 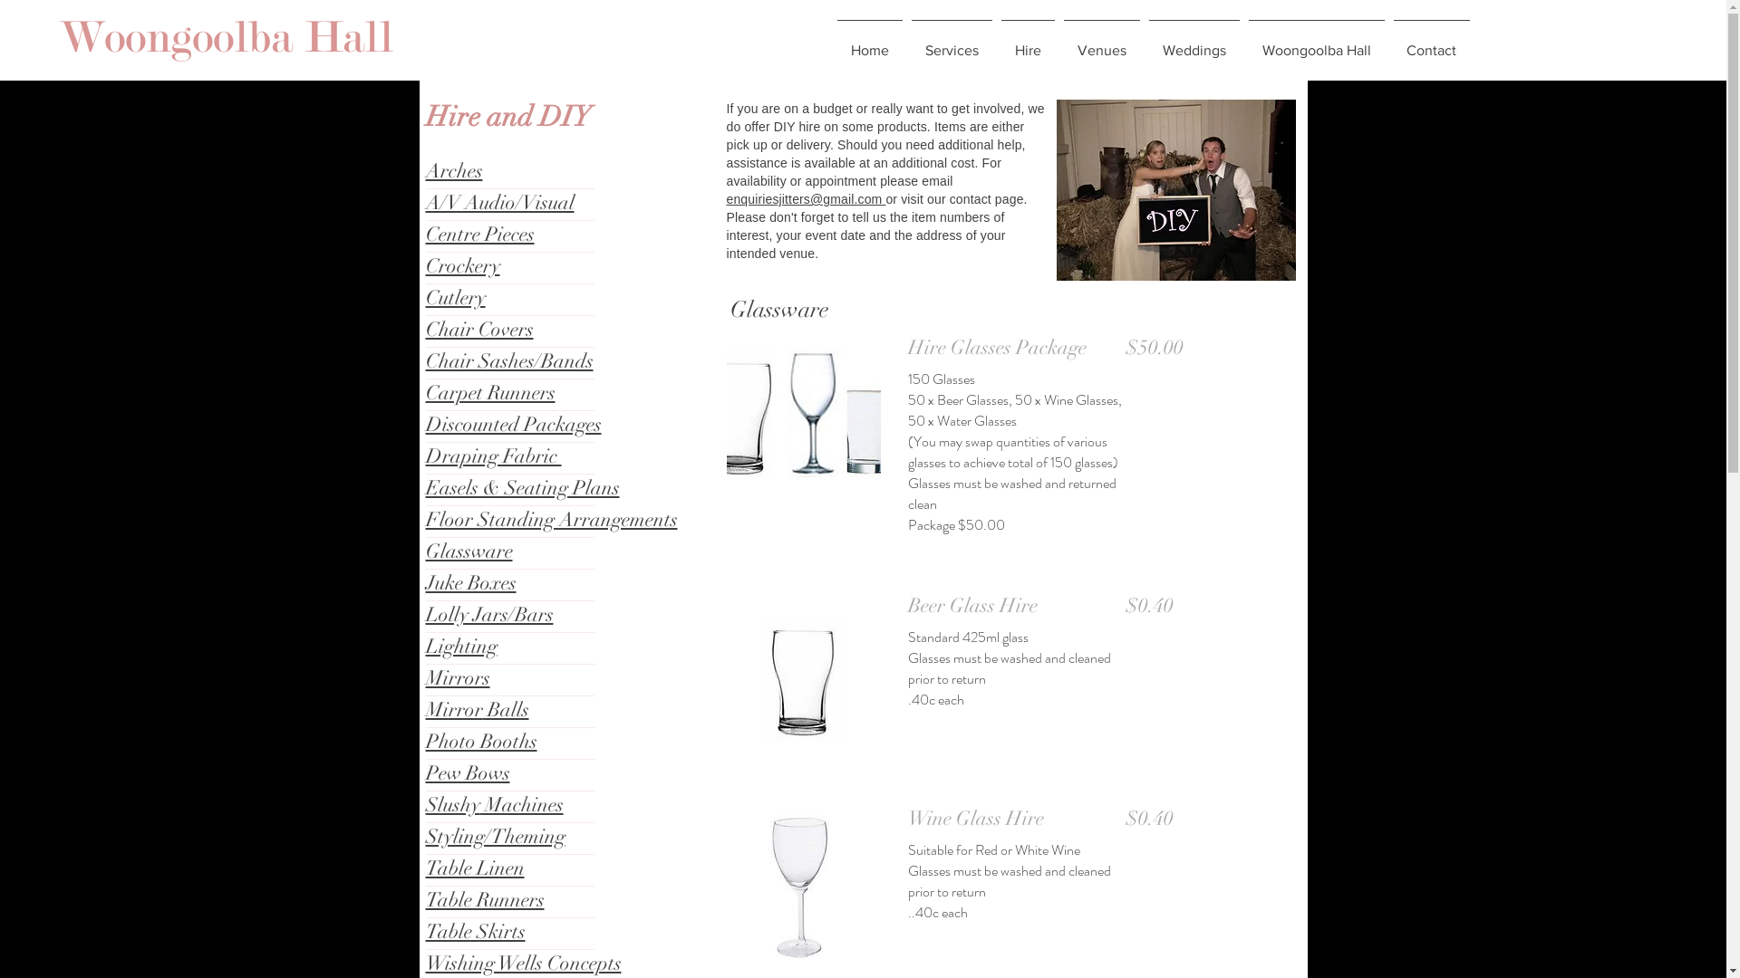 I want to click on 'Discounted Packages', so click(x=425, y=424).